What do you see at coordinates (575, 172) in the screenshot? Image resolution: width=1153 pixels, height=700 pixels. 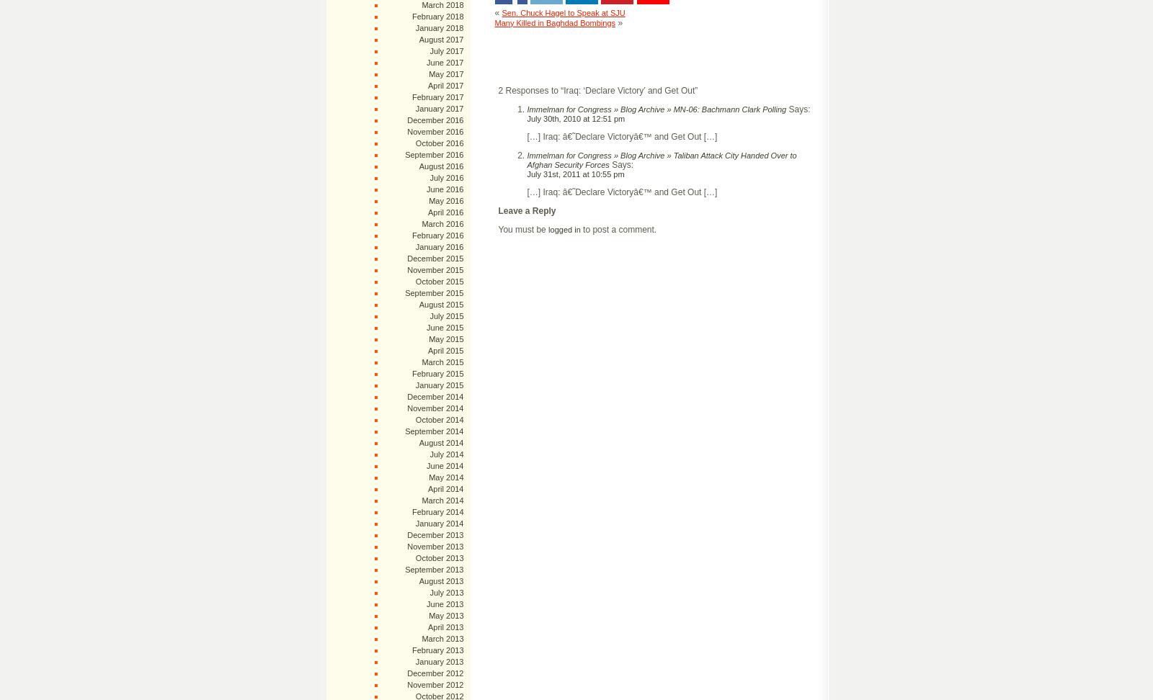 I see `'July 31st, 2011 at 10:55 pm'` at bounding box center [575, 172].